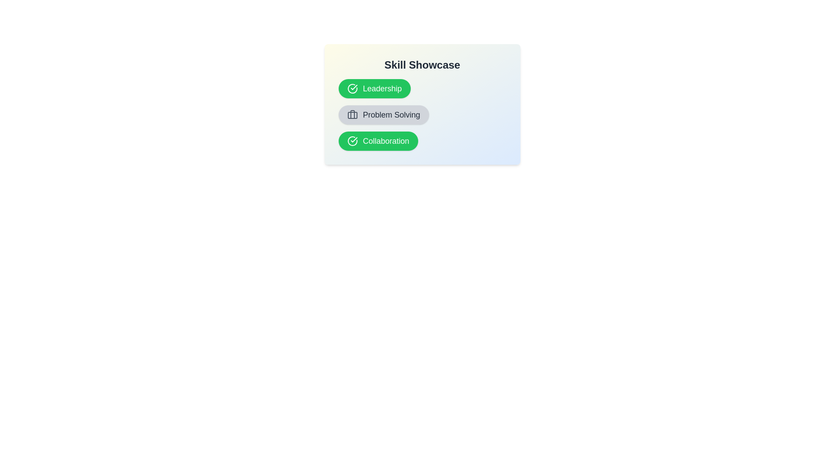  What do you see at coordinates (374, 89) in the screenshot?
I see `the skill item named Leadership` at bounding box center [374, 89].